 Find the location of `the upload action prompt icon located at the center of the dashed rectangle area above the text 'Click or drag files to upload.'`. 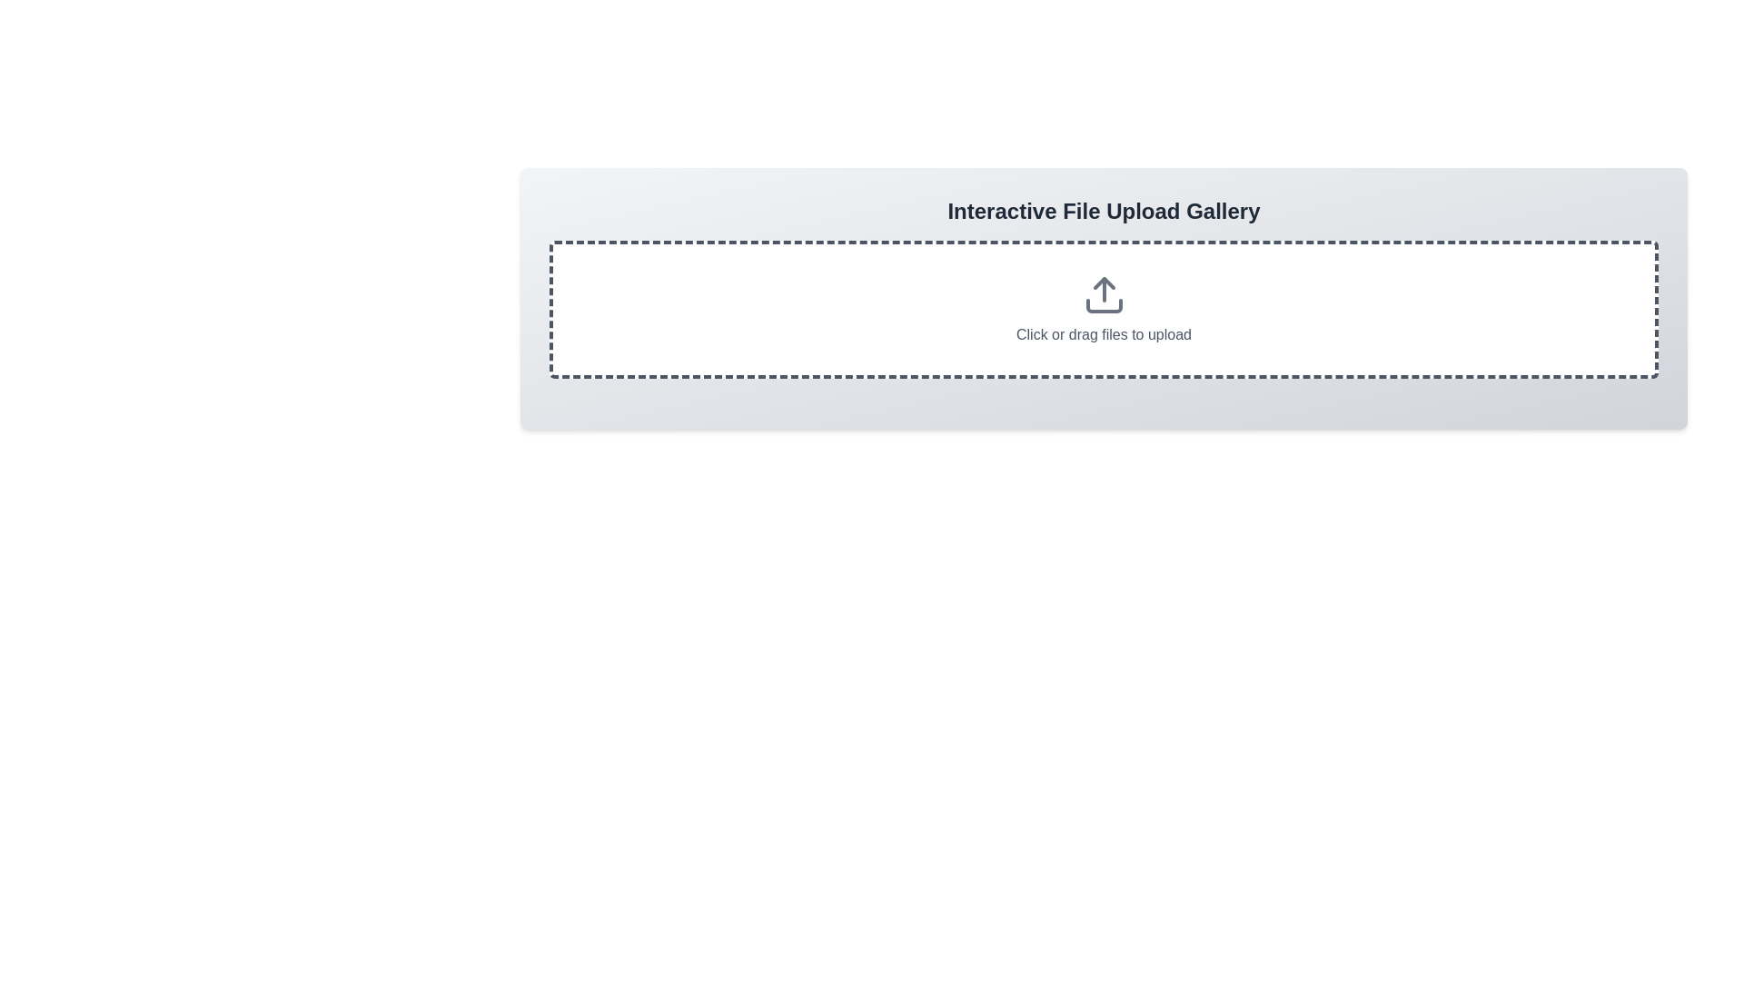

the upload action prompt icon located at the center of the dashed rectangle area above the text 'Click or drag files to upload.' is located at coordinates (1103, 293).